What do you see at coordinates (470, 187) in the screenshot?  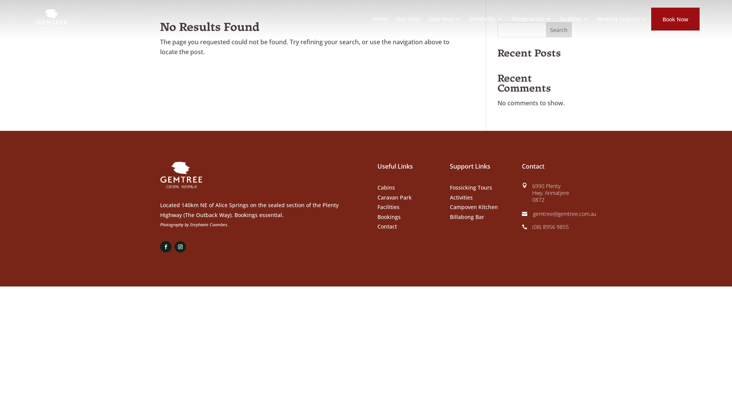 I see `'Fossicking Tours'` at bounding box center [470, 187].